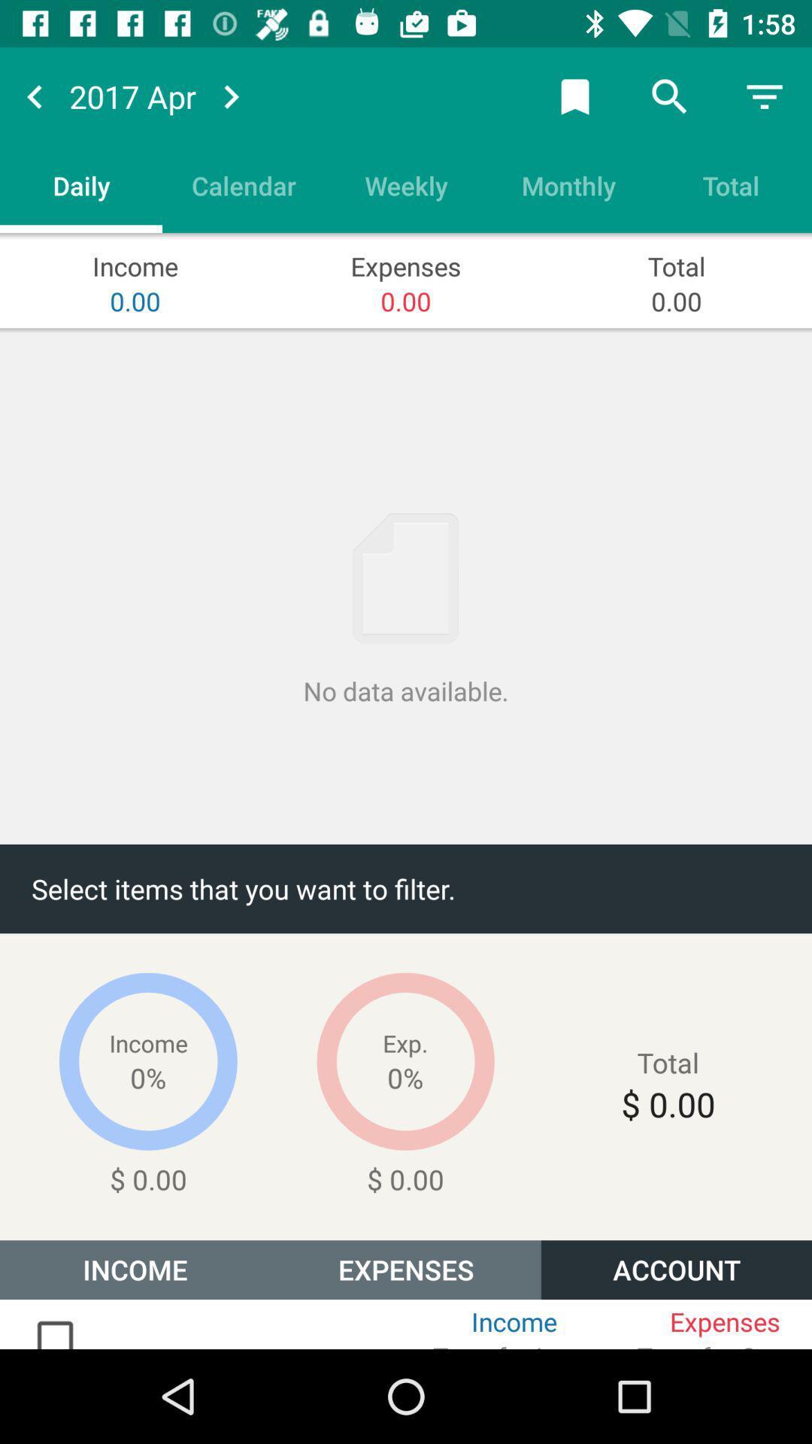  Describe the element at coordinates (765, 96) in the screenshot. I see `the filter_list icon` at that location.